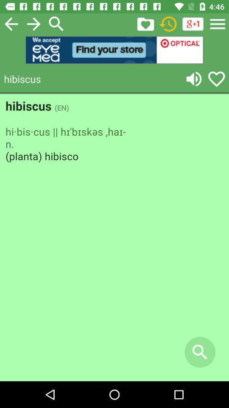 The height and width of the screenshot is (408, 229). Describe the element at coordinates (145, 23) in the screenshot. I see `folder button` at that location.